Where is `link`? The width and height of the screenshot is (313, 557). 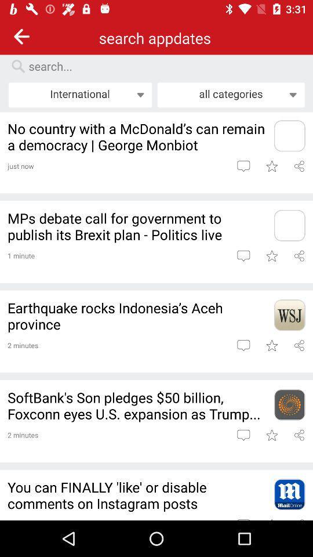 link is located at coordinates (299, 165).